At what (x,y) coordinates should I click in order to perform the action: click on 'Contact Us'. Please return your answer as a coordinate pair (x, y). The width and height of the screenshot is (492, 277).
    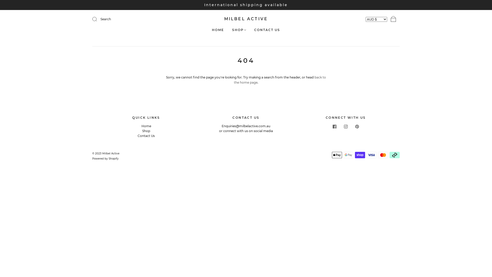
    Looking at the image, I should click on (138, 135).